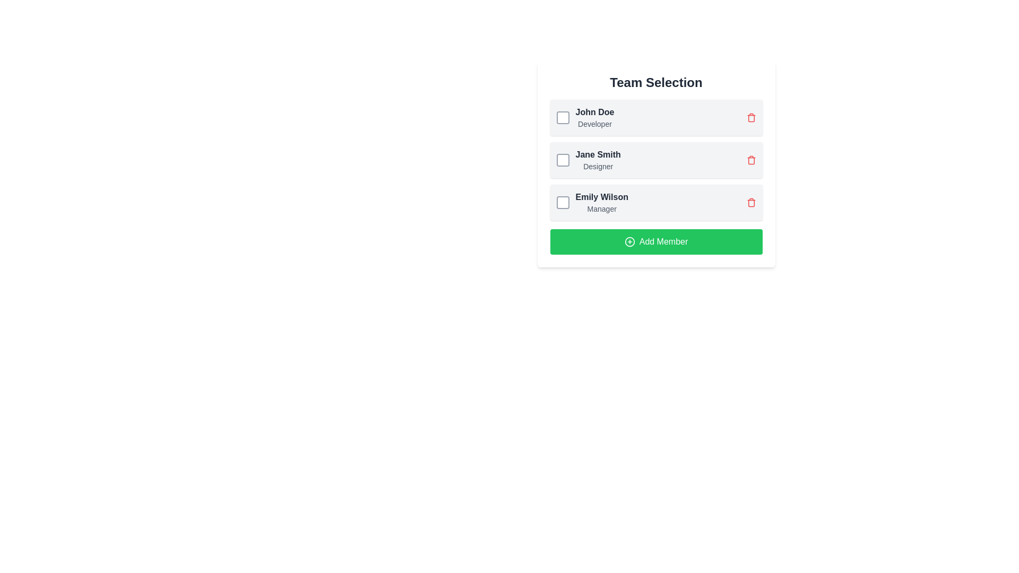  Describe the element at coordinates (629, 241) in the screenshot. I see `the central icon of the 'Add Member' button, which visually indicates the action` at that location.